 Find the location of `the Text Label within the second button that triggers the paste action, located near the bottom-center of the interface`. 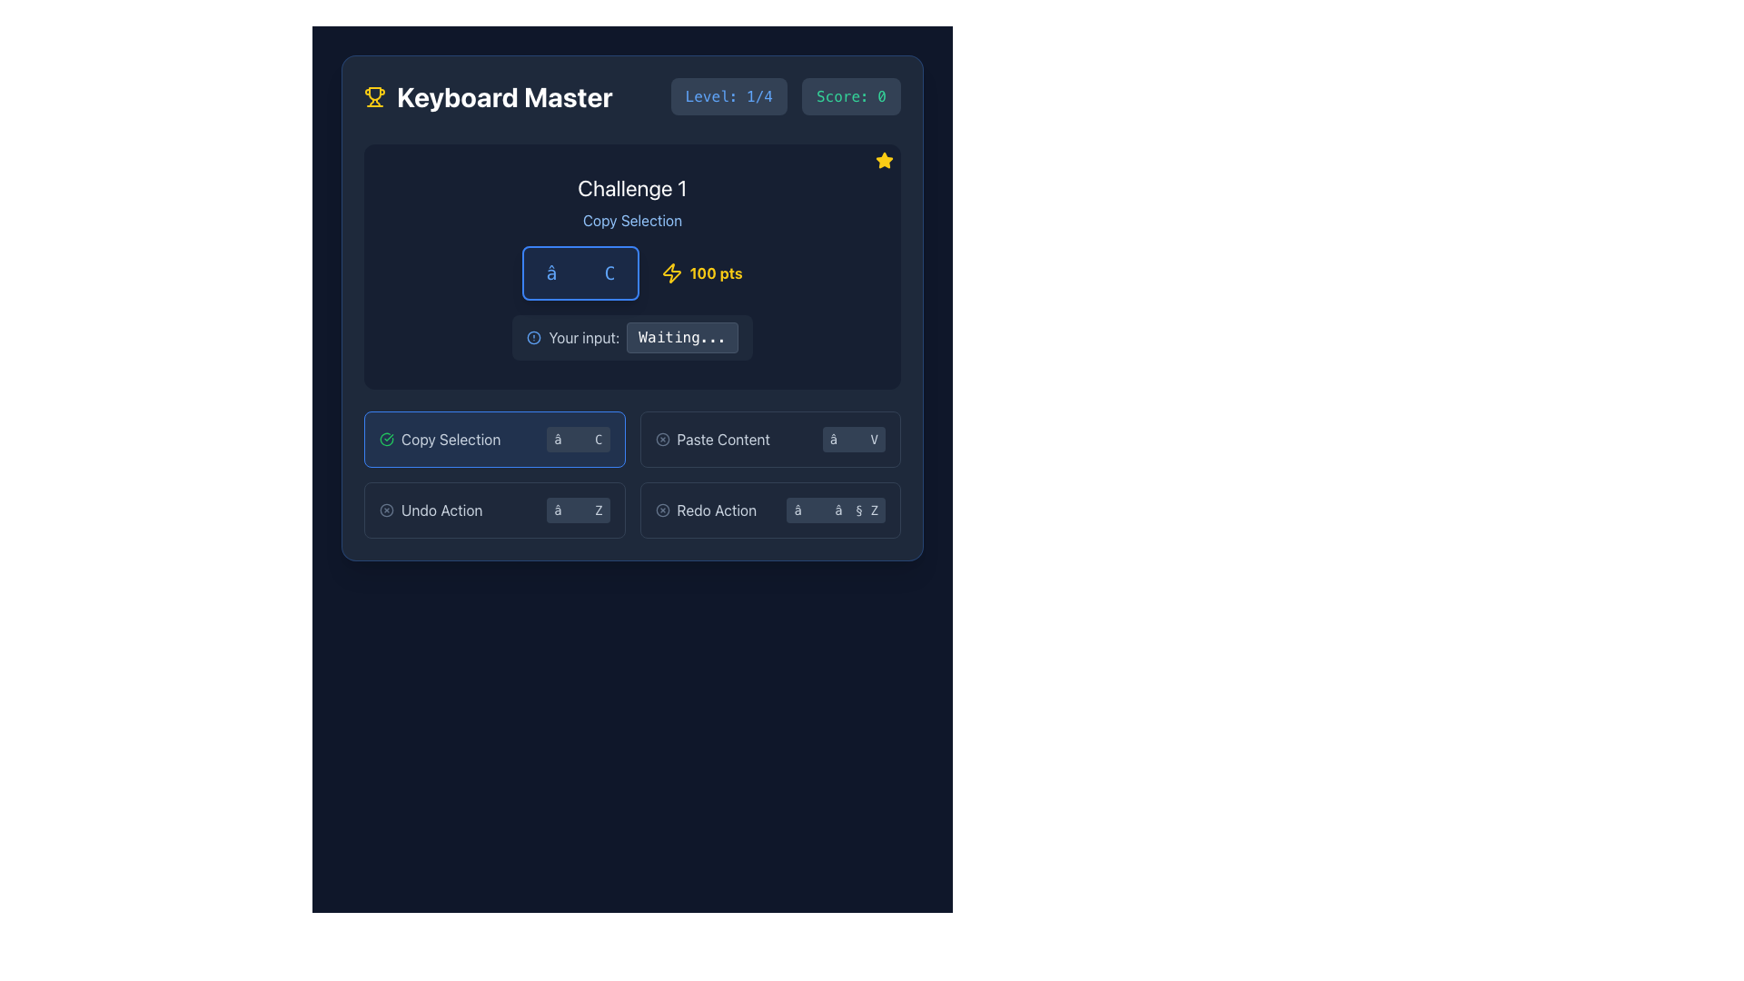

the Text Label within the second button that triggers the paste action, located near the bottom-center of the interface is located at coordinates (722, 439).